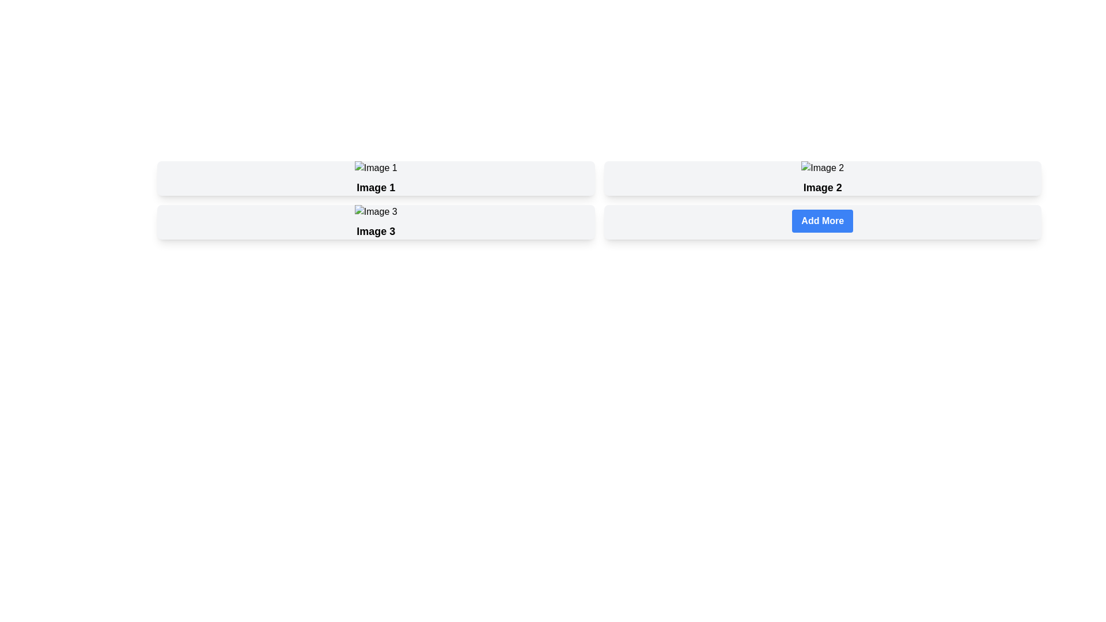 The image size is (1106, 622). Describe the element at coordinates (822, 178) in the screenshot. I see `the Content card or tile with a light gray background labeled 'Image 2', which is the second item in the grid's first row` at that location.